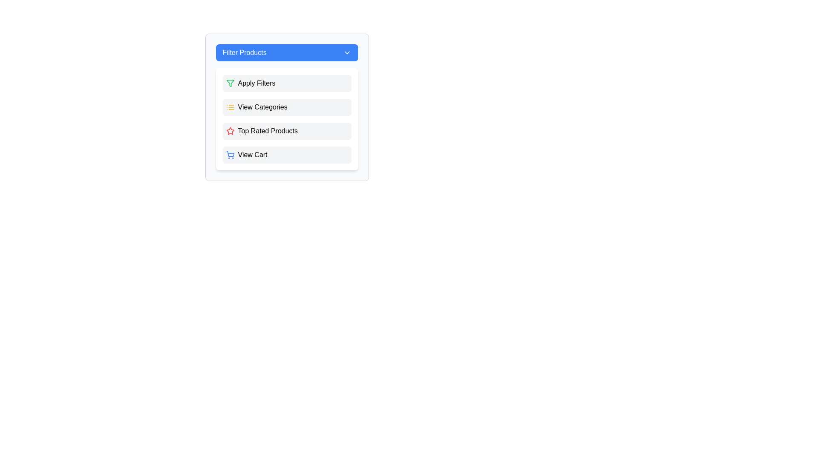 The height and width of the screenshot is (460, 818). Describe the element at coordinates (230, 83) in the screenshot. I see `the filtering icon located to the left of the 'Apply Filters' text in the menu under the 'Filter Products' dropdown` at that location.